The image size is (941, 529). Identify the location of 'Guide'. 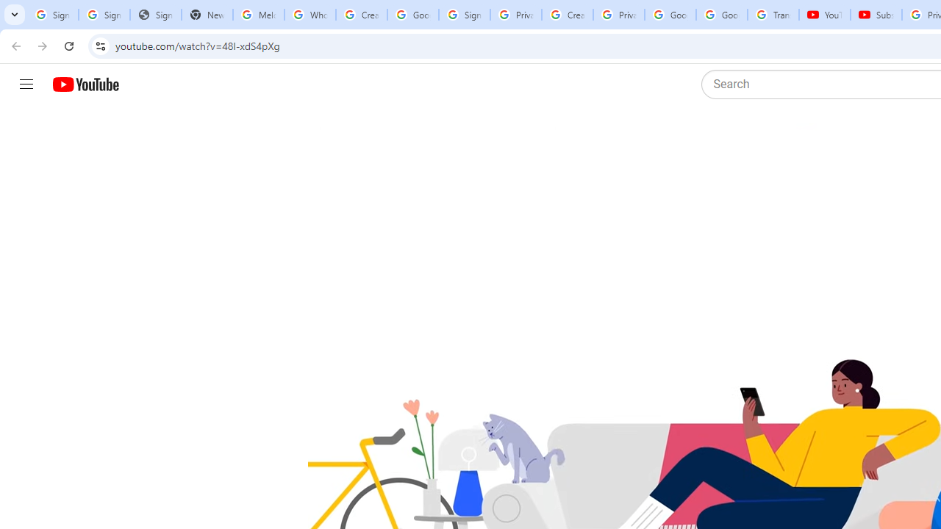
(26, 84).